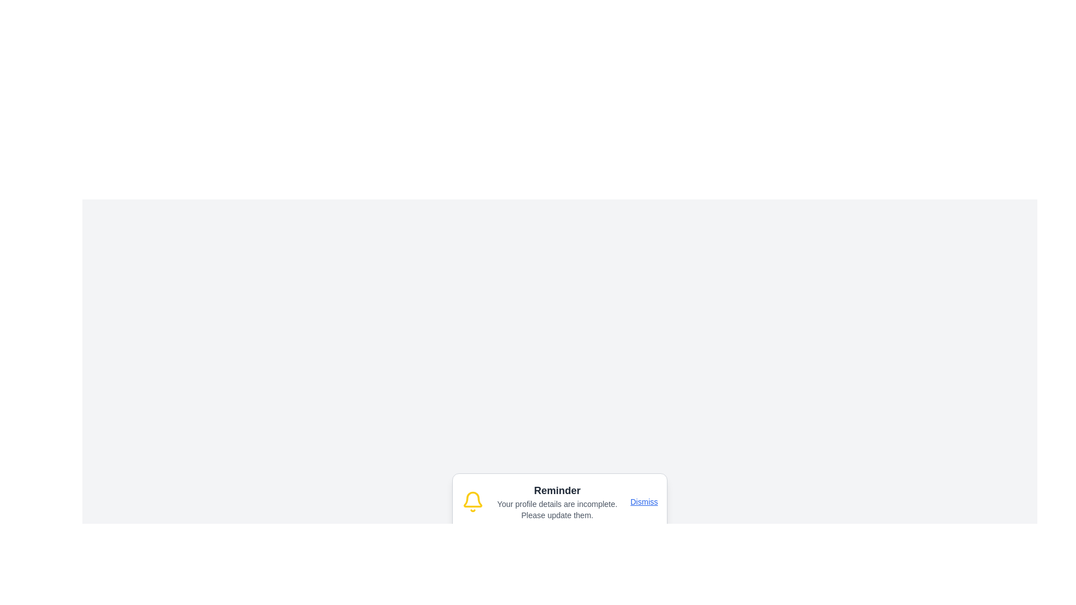 Image resolution: width=1076 pixels, height=605 pixels. I want to click on the 'Dismiss' hyperlink in the upper-right corner of the notification card, so click(644, 501).